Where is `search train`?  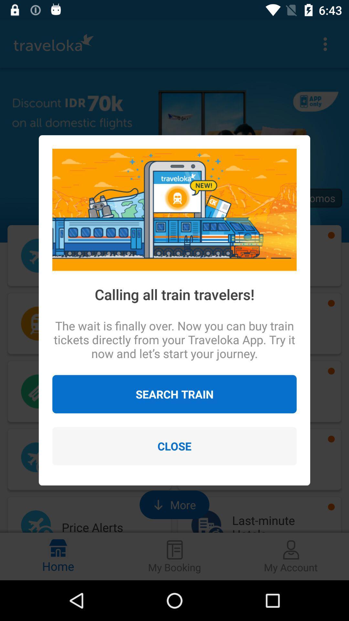
search train is located at coordinates (174, 394).